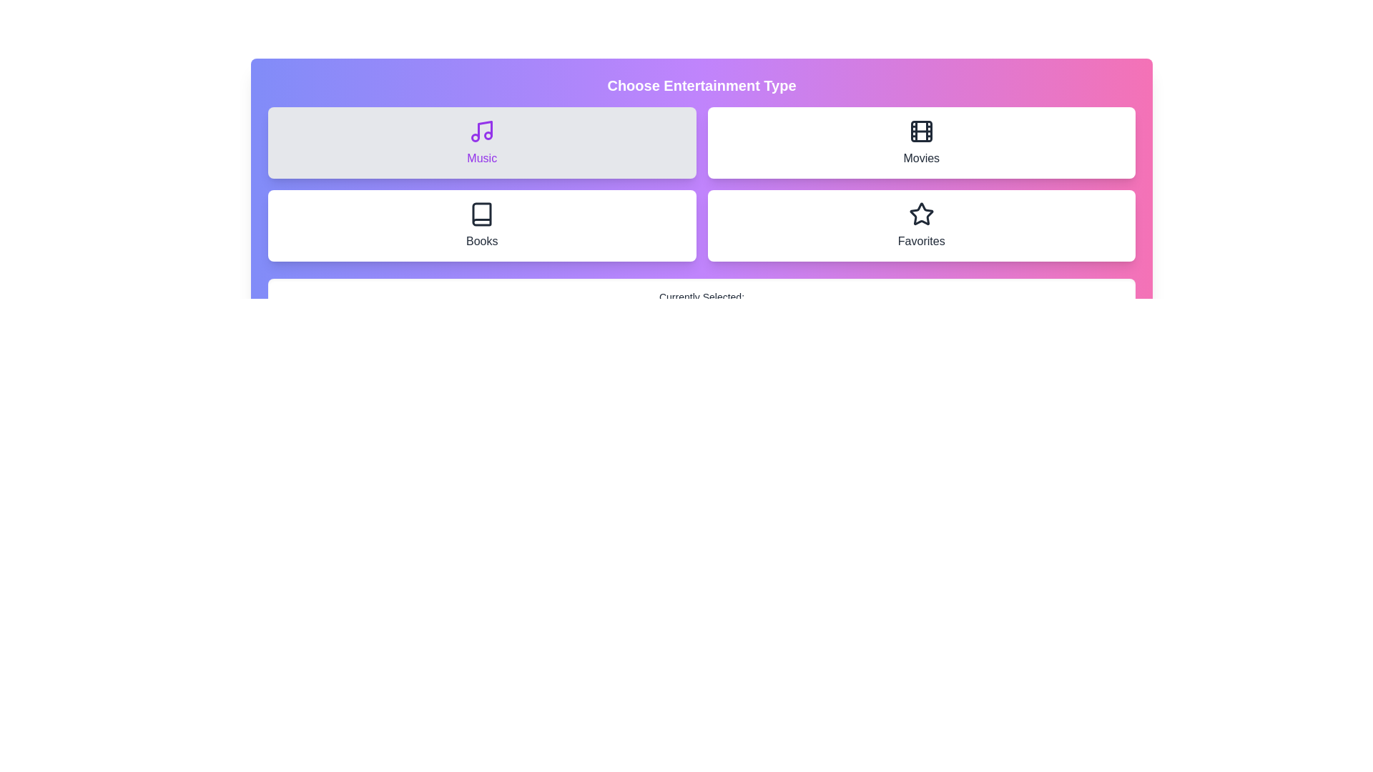 The width and height of the screenshot is (1373, 772). Describe the element at coordinates (482, 143) in the screenshot. I see `the entertainment type by clicking on the button labeled Music` at that location.